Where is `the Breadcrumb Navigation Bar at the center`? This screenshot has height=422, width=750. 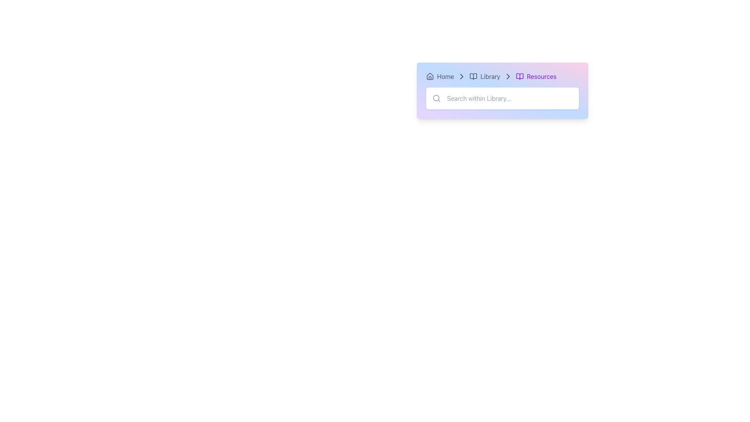 the Breadcrumb Navigation Bar at the center is located at coordinates (502, 77).